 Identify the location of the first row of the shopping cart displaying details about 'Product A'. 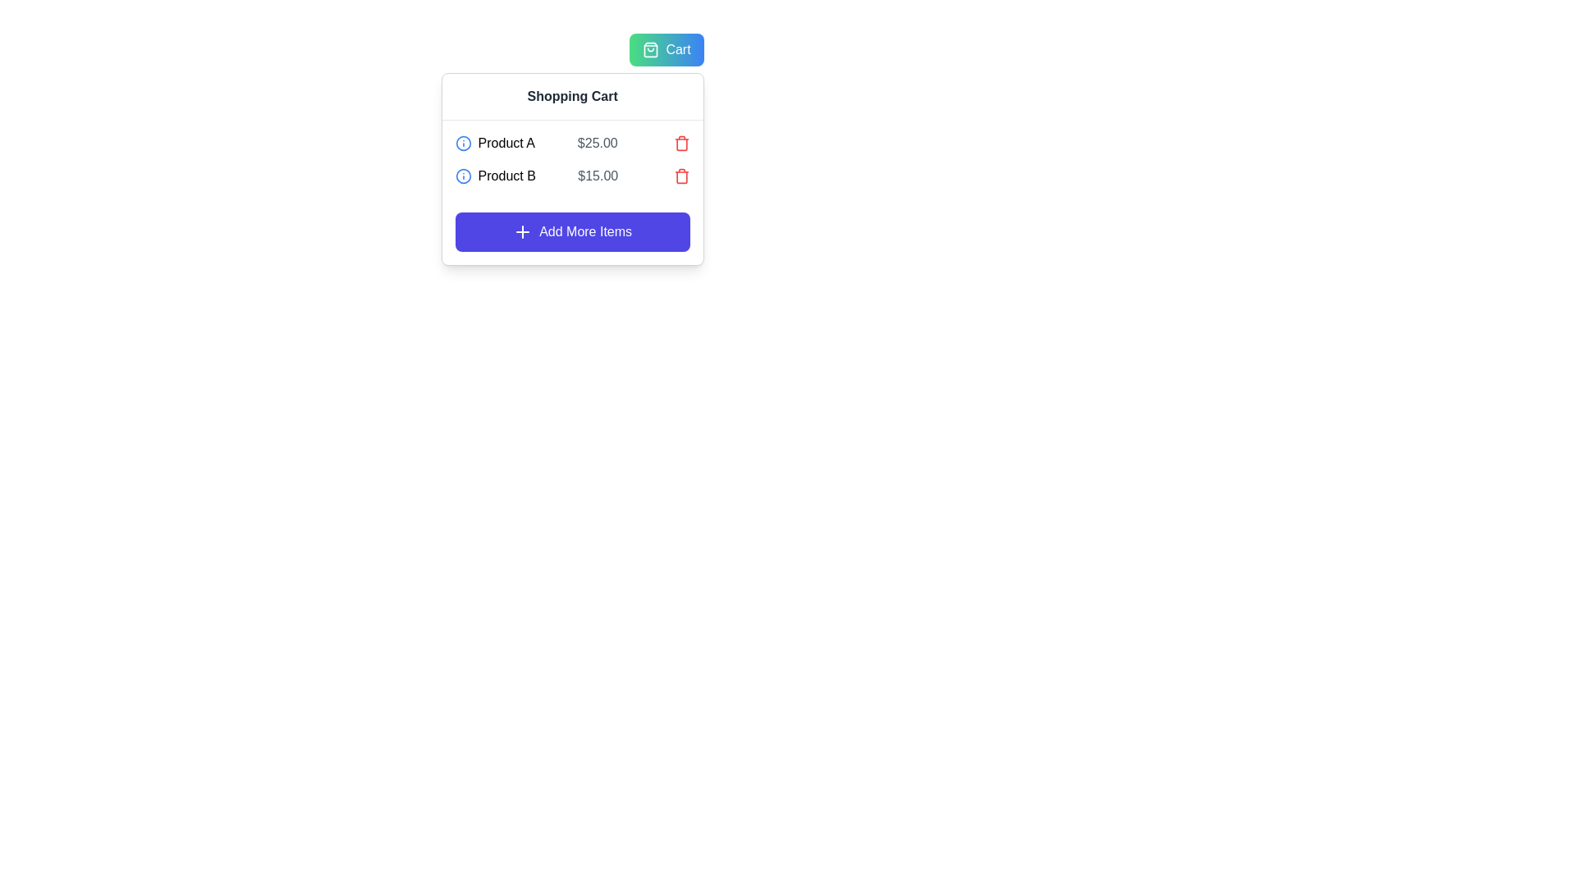
(572, 142).